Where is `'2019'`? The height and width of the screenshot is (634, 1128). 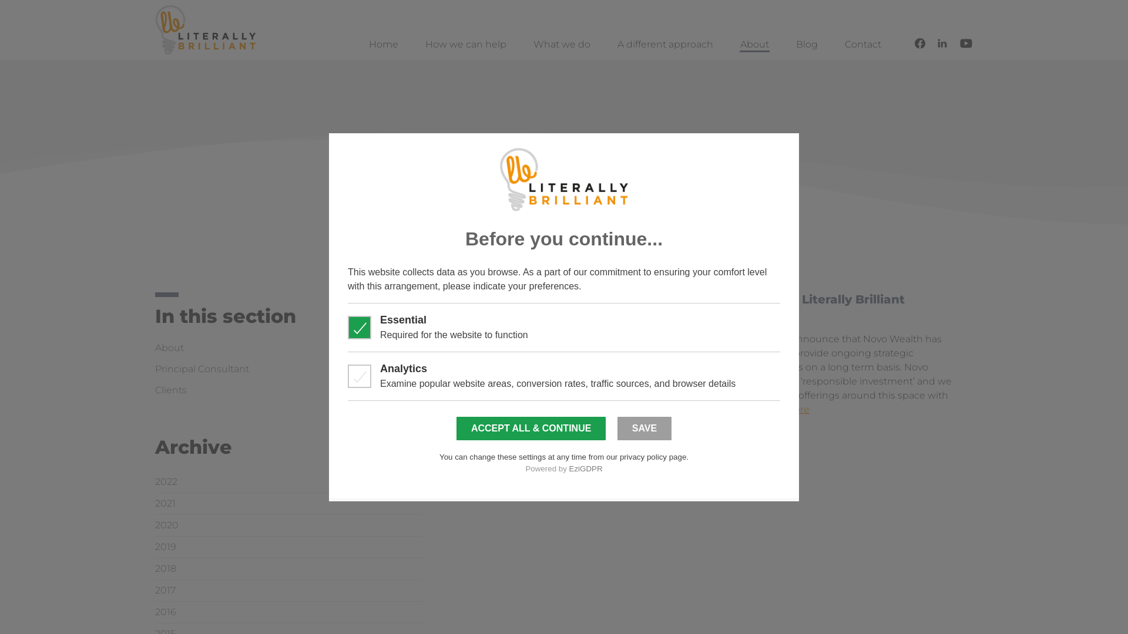 '2019' is located at coordinates (165, 547).